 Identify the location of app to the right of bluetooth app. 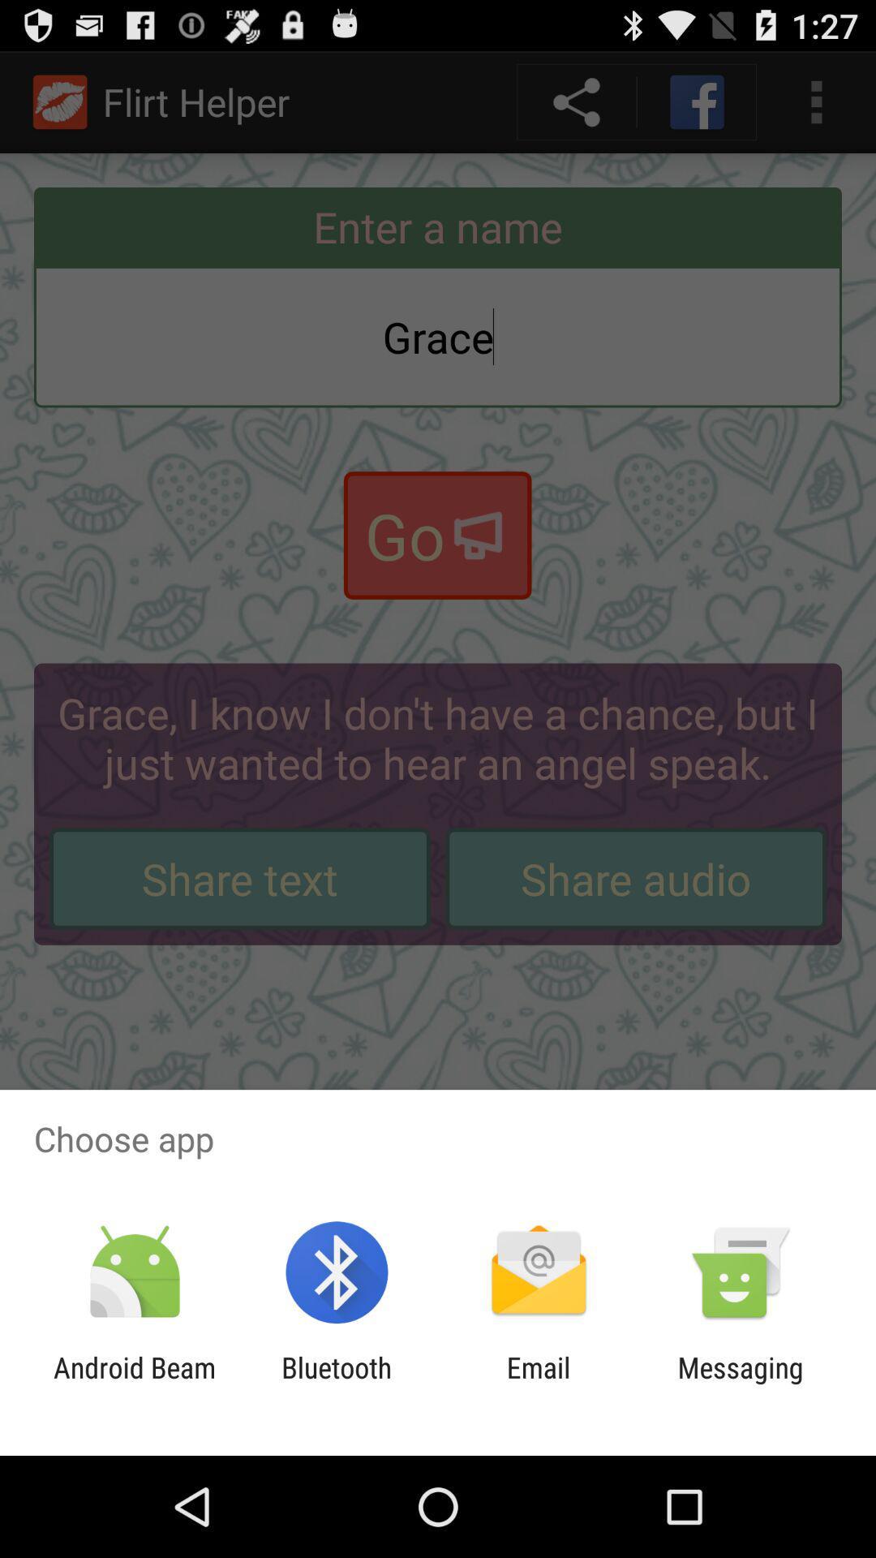
(539, 1384).